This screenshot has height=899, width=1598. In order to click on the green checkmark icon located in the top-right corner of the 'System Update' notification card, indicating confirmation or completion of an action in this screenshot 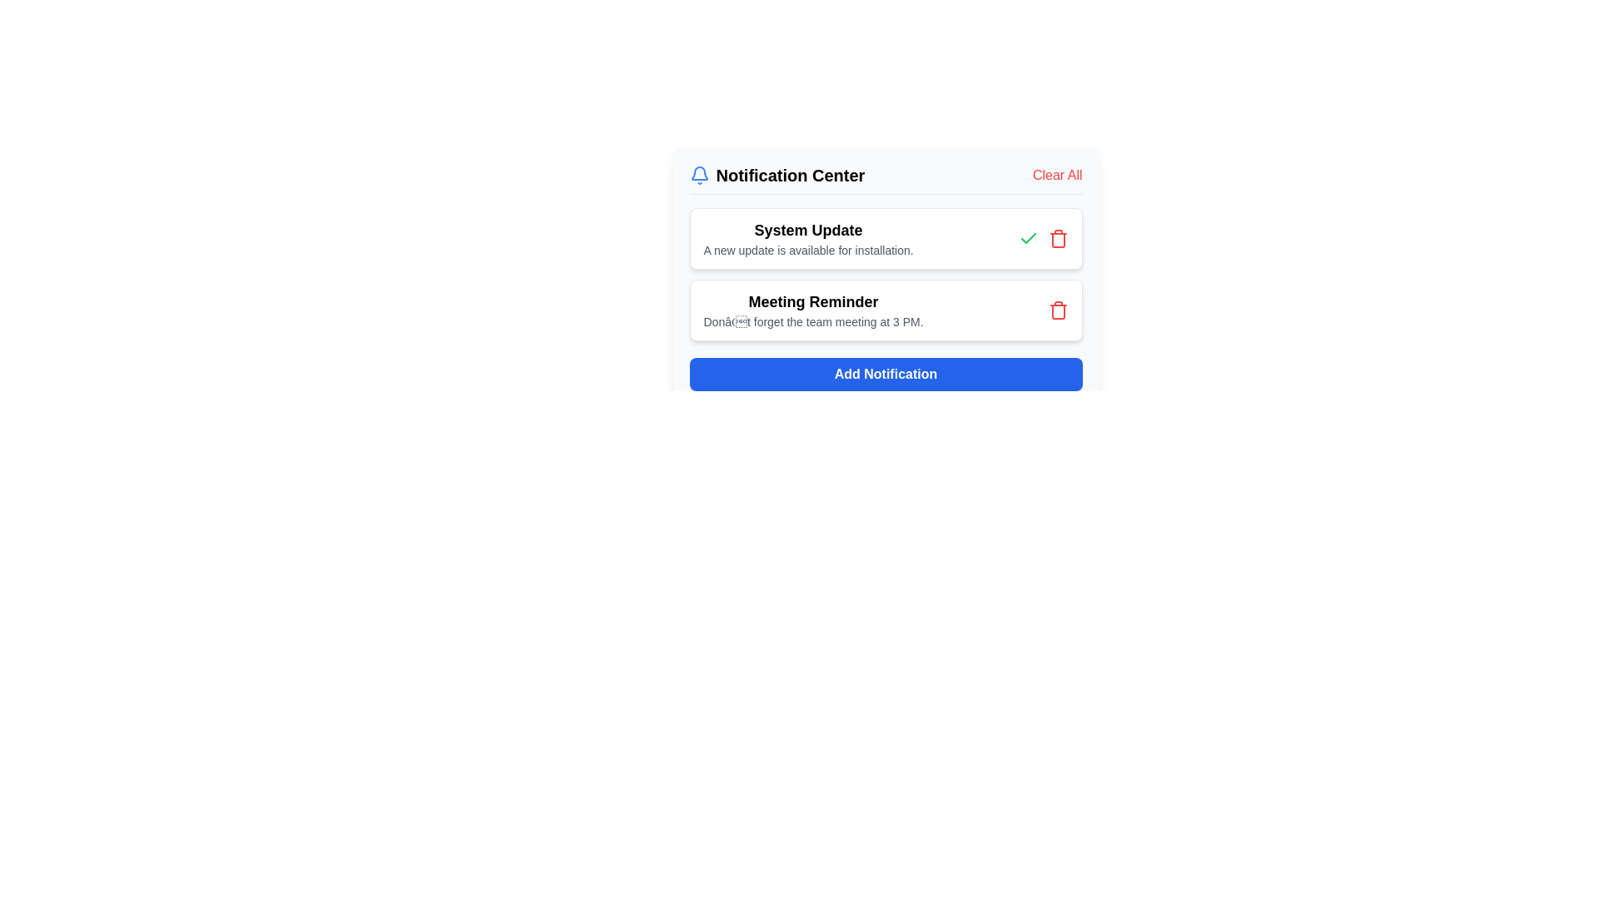, I will do `click(1027, 238)`.